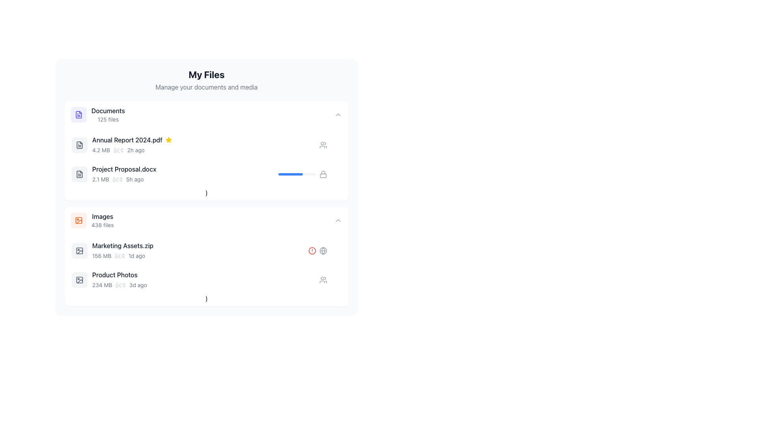 This screenshot has width=757, height=426. What do you see at coordinates (206, 279) in the screenshot?
I see `on the 'Product Photos' file entry display` at bounding box center [206, 279].